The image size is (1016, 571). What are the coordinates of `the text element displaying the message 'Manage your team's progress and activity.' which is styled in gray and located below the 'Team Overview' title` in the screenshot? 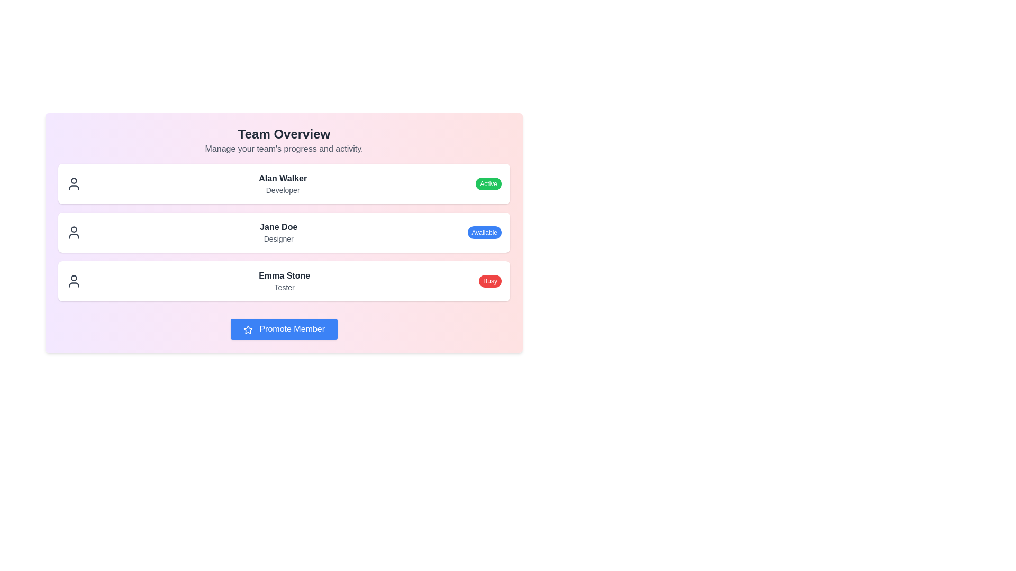 It's located at (284, 149).